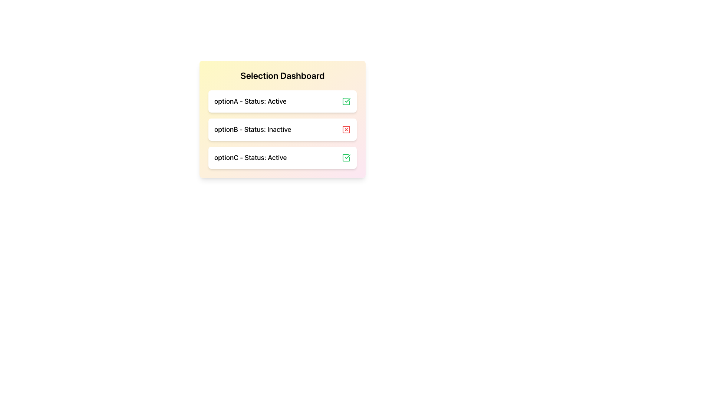 The height and width of the screenshot is (400, 712). I want to click on the SVG icon with a green outline and checkmark, associated with the text label 'optionA - Status: Active', so click(346, 101).